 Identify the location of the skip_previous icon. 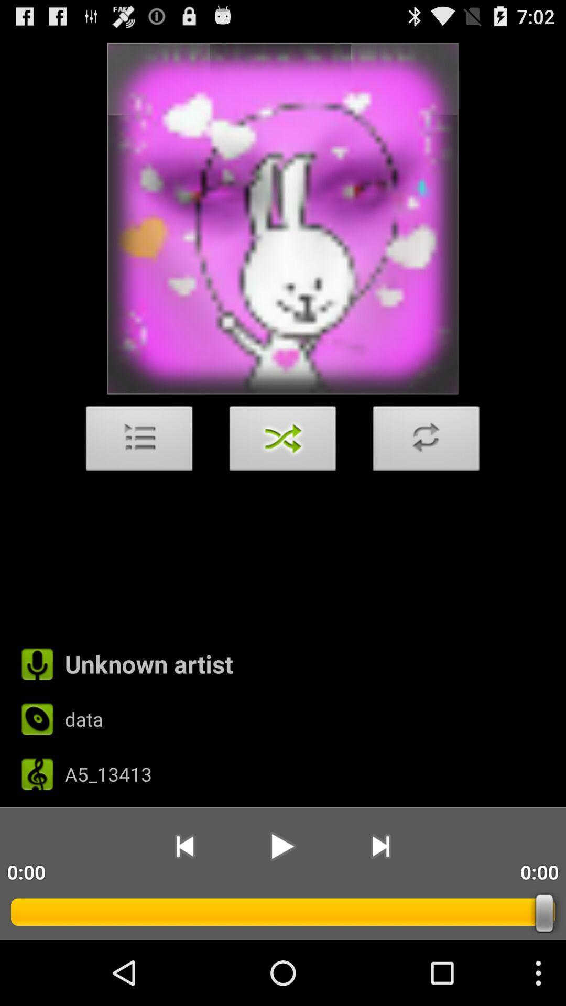
(184, 905).